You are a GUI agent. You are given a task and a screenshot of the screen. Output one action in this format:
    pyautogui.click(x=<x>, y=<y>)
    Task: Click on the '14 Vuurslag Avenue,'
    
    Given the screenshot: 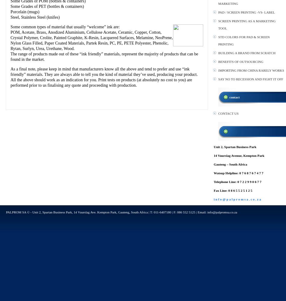 What is the action you would take?
    pyautogui.click(x=228, y=156)
    